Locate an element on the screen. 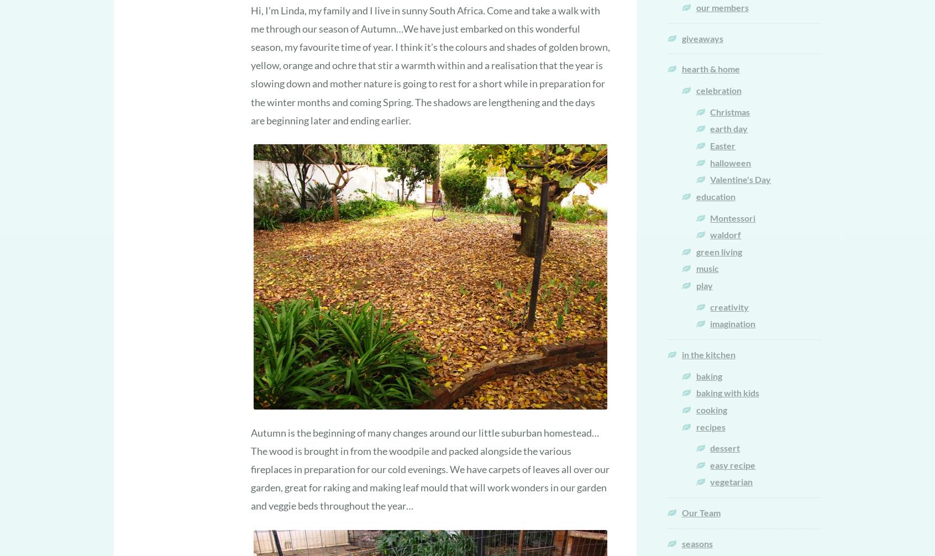 The image size is (935, 556). 'recipes' is located at coordinates (710, 426).